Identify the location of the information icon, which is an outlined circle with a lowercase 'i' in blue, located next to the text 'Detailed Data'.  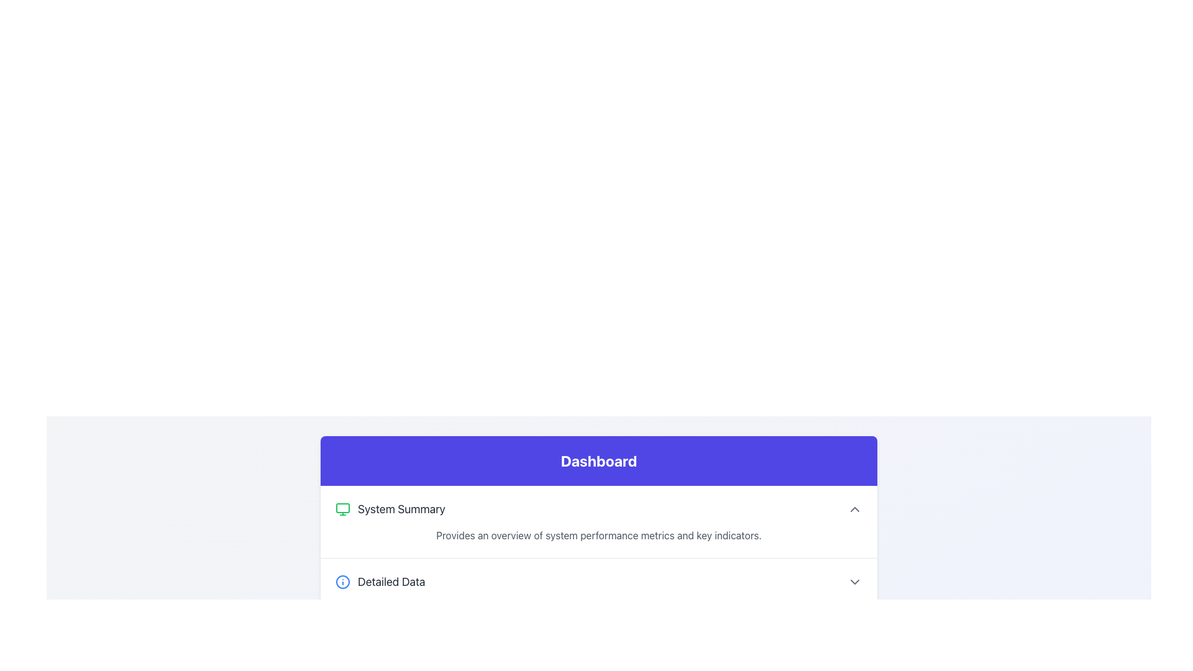
(343, 582).